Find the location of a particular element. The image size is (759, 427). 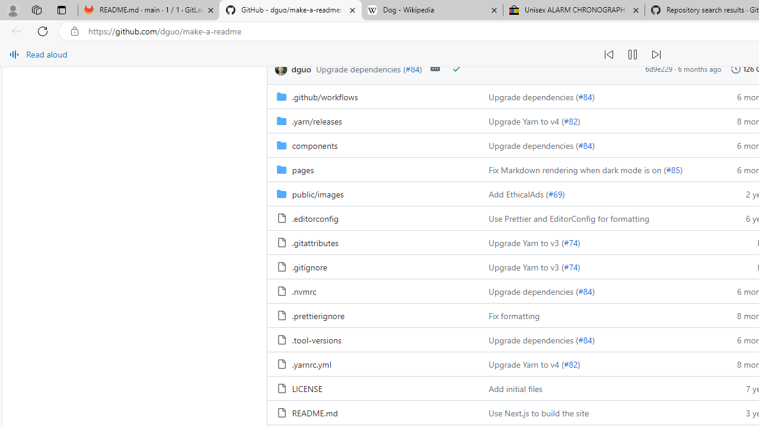

'Use Next.js to build the site' is located at coordinates (538, 412).